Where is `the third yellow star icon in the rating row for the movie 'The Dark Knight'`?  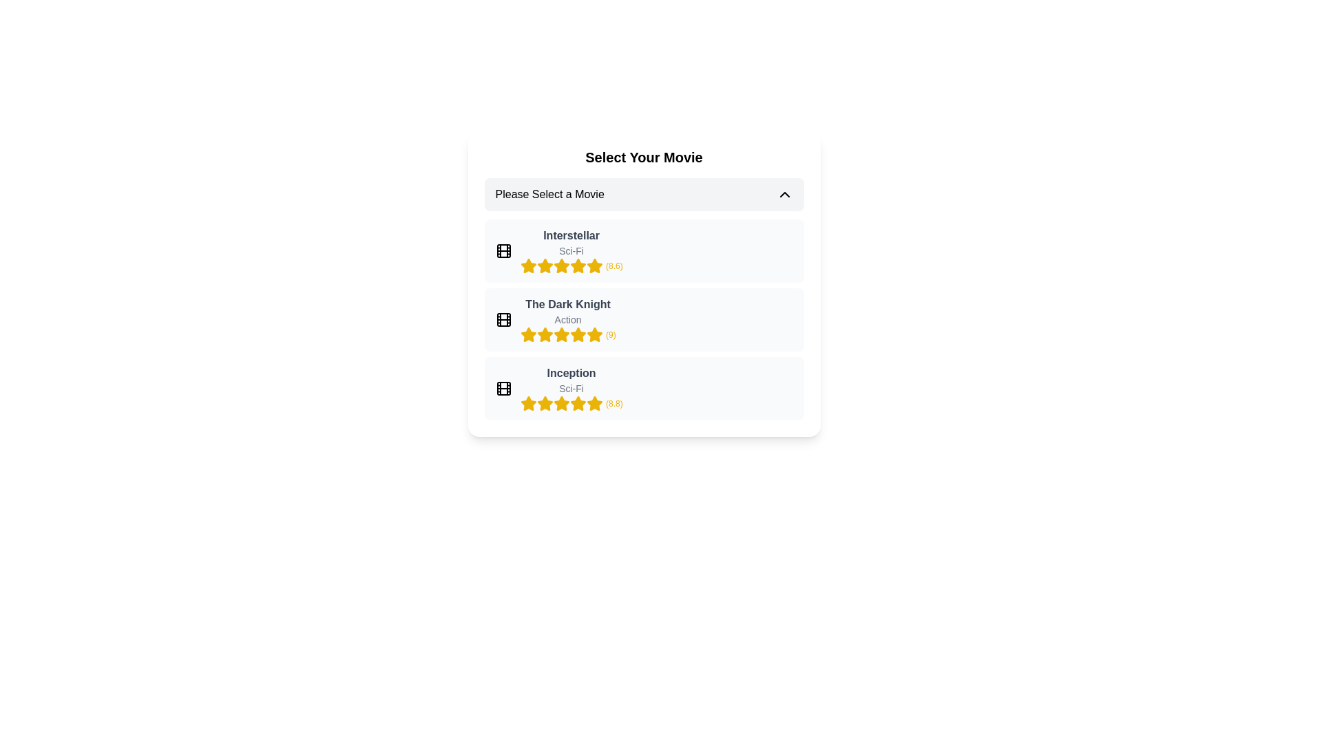 the third yellow star icon in the rating row for the movie 'The Dark Knight' is located at coordinates (561, 334).